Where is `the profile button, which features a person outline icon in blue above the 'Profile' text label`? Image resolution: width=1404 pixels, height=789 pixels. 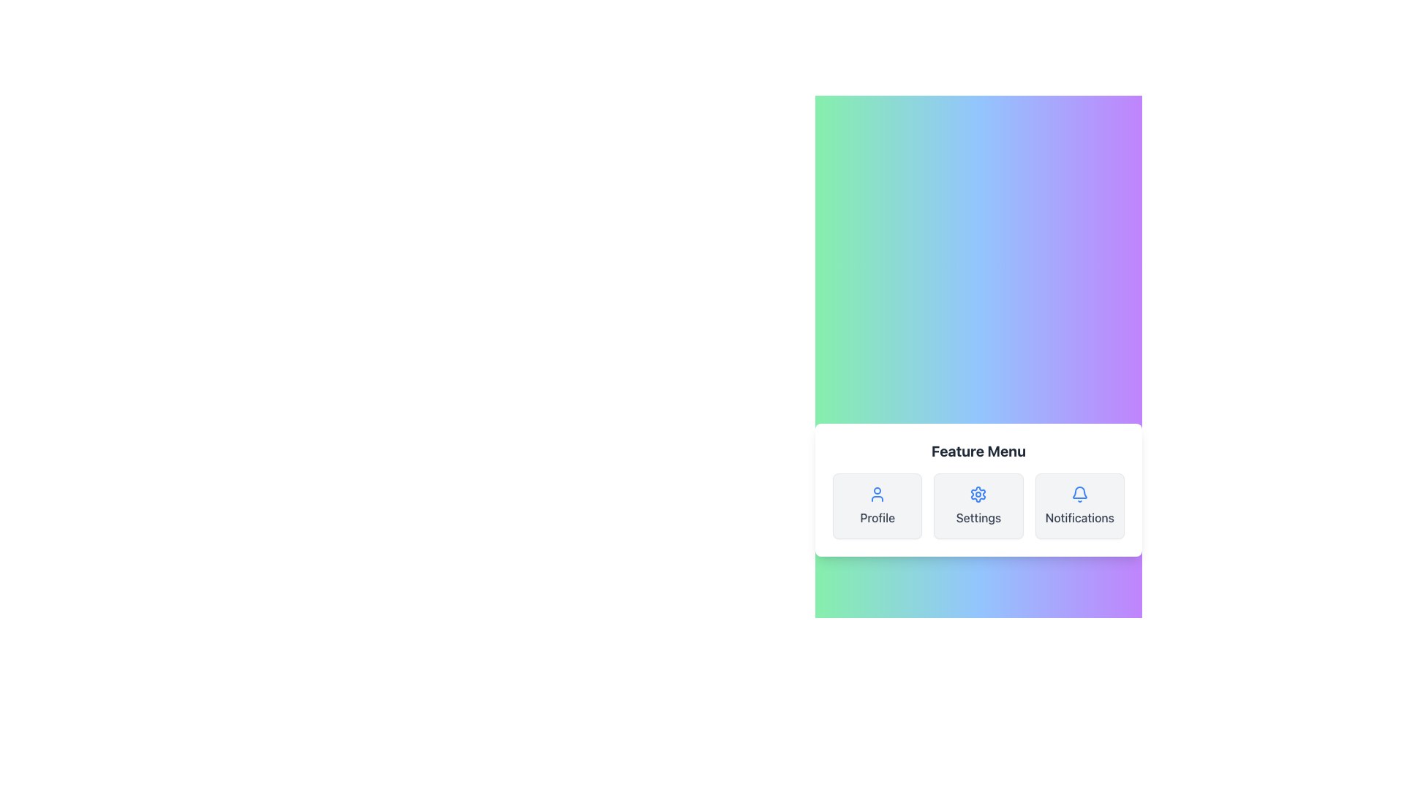 the profile button, which features a person outline icon in blue above the 'Profile' text label is located at coordinates (877, 494).